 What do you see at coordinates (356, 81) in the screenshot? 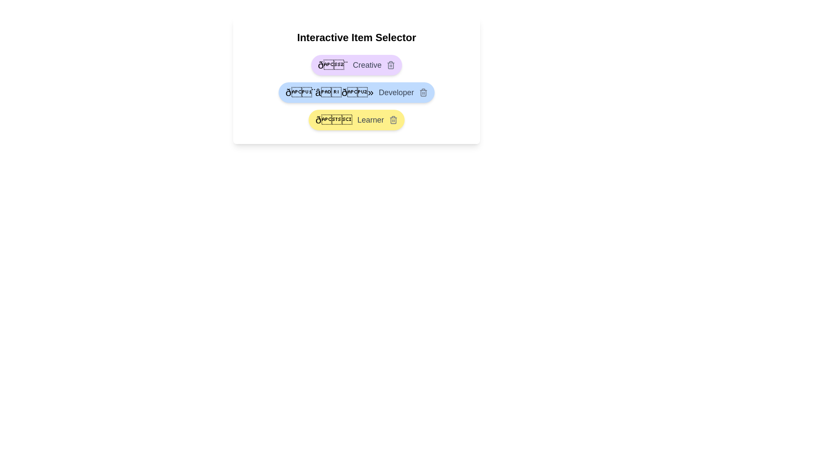
I see `the background of the component to interact with it` at bounding box center [356, 81].